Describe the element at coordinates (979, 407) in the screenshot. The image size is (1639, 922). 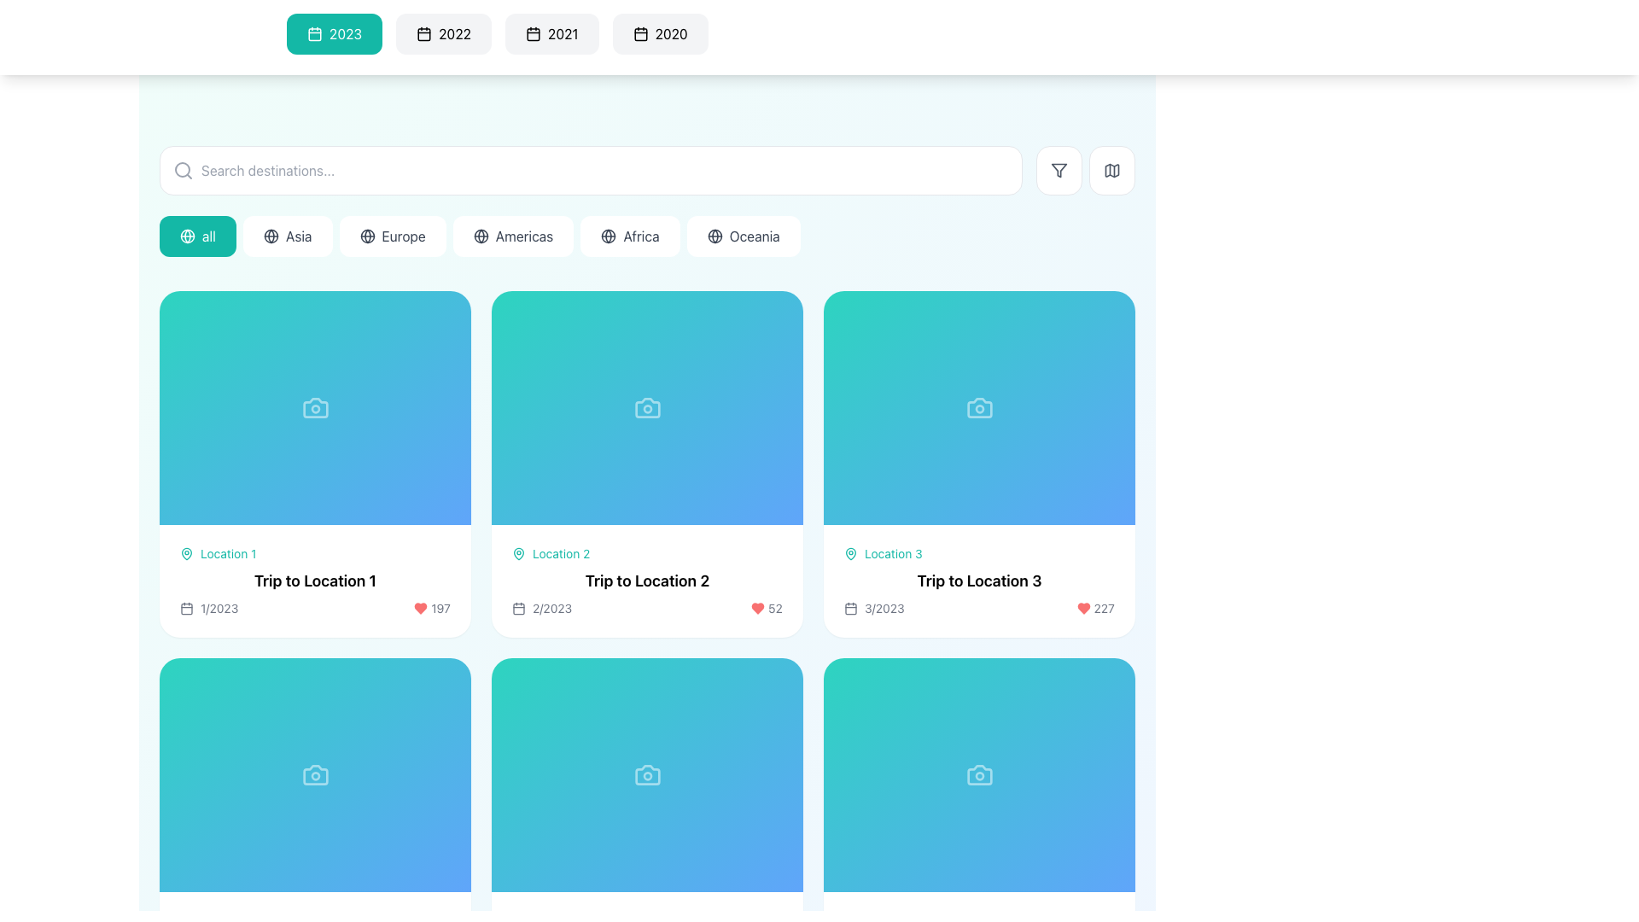
I see `the image placeholder located` at that location.